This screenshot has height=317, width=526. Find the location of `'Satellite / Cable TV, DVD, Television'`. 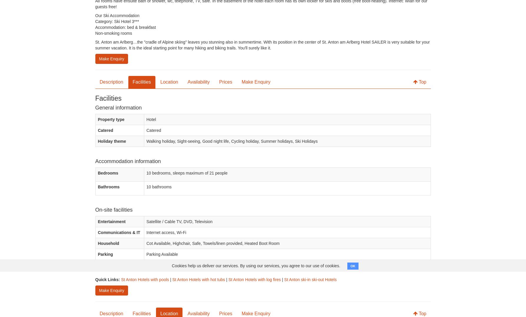

'Satellite / Cable TV, DVD, Television' is located at coordinates (146, 221).